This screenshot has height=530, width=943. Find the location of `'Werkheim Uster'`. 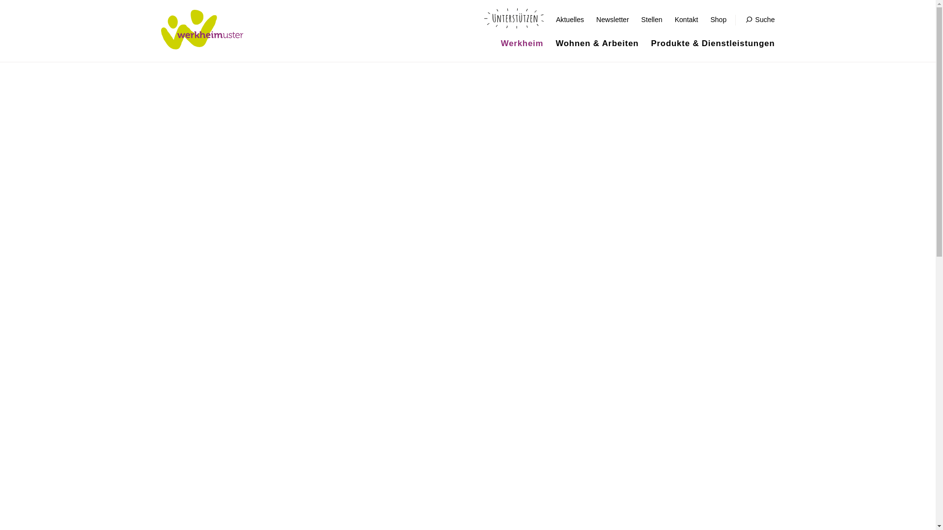

'Werkheim Uster' is located at coordinates (202, 29).